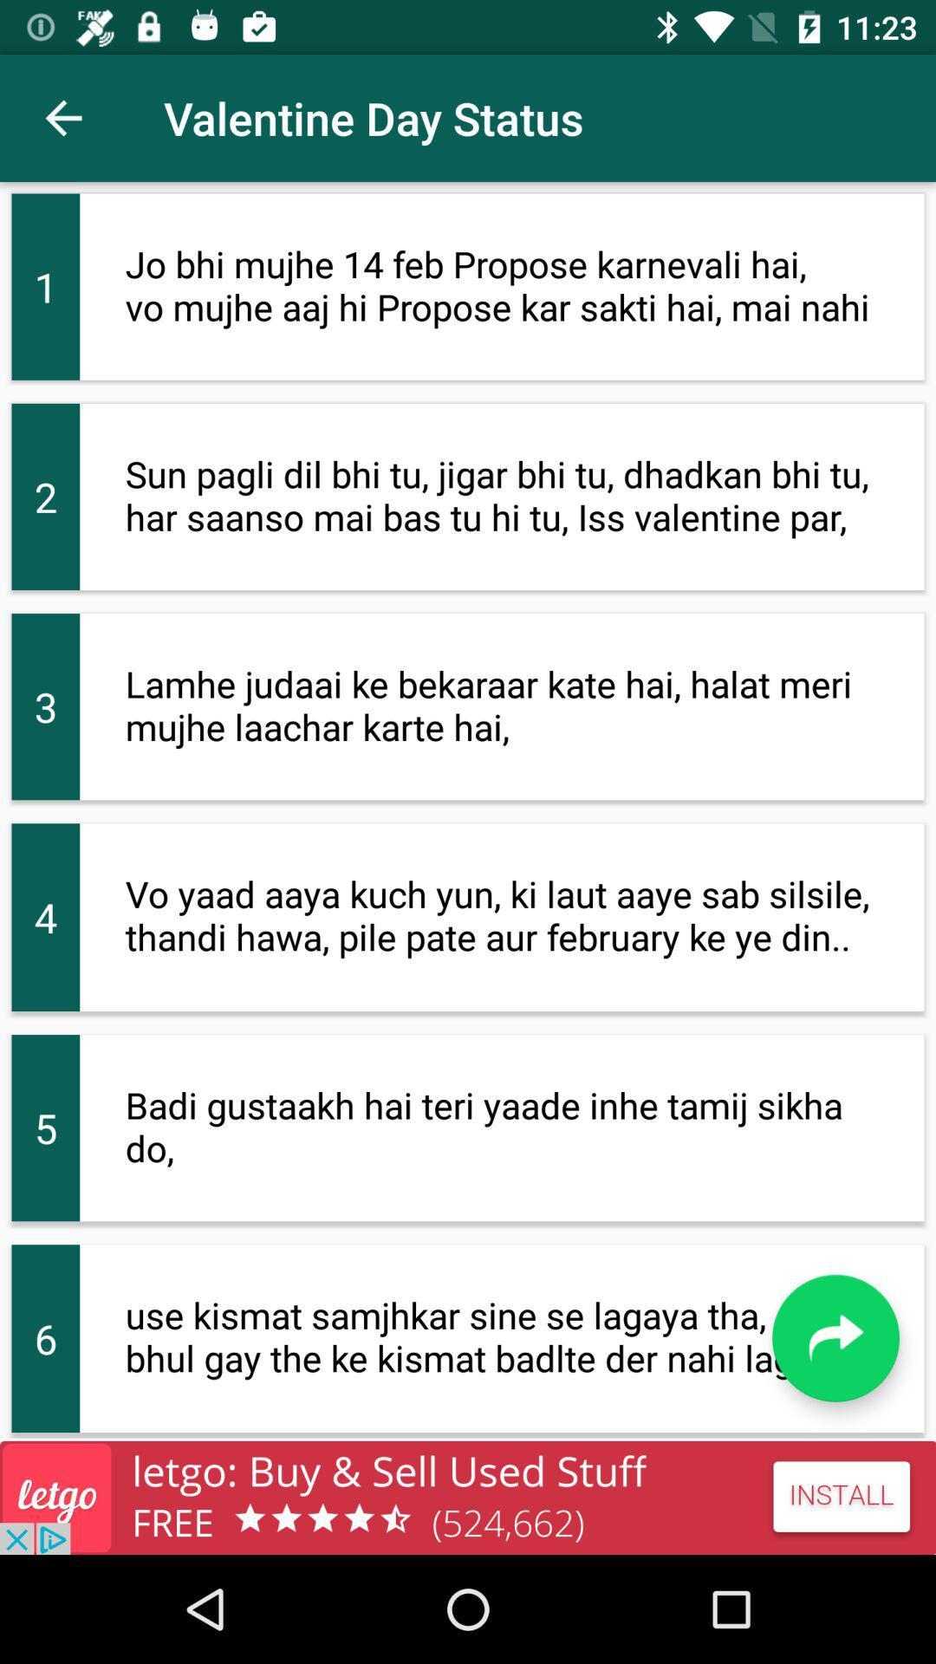 Image resolution: width=936 pixels, height=1664 pixels. Describe the element at coordinates (468, 1497) in the screenshot. I see `app install` at that location.